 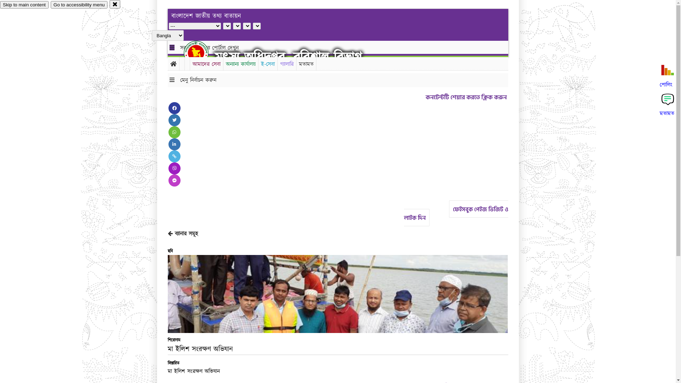 I want to click on 'Go to accessibility menu', so click(x=79, y=5).